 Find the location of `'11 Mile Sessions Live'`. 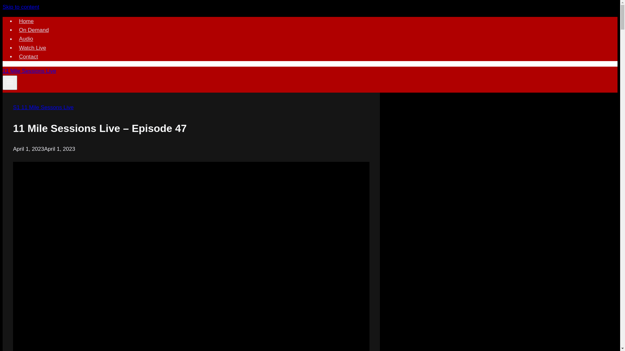

'11 Mile Sessions Live' is located at coordinates (29, 71).